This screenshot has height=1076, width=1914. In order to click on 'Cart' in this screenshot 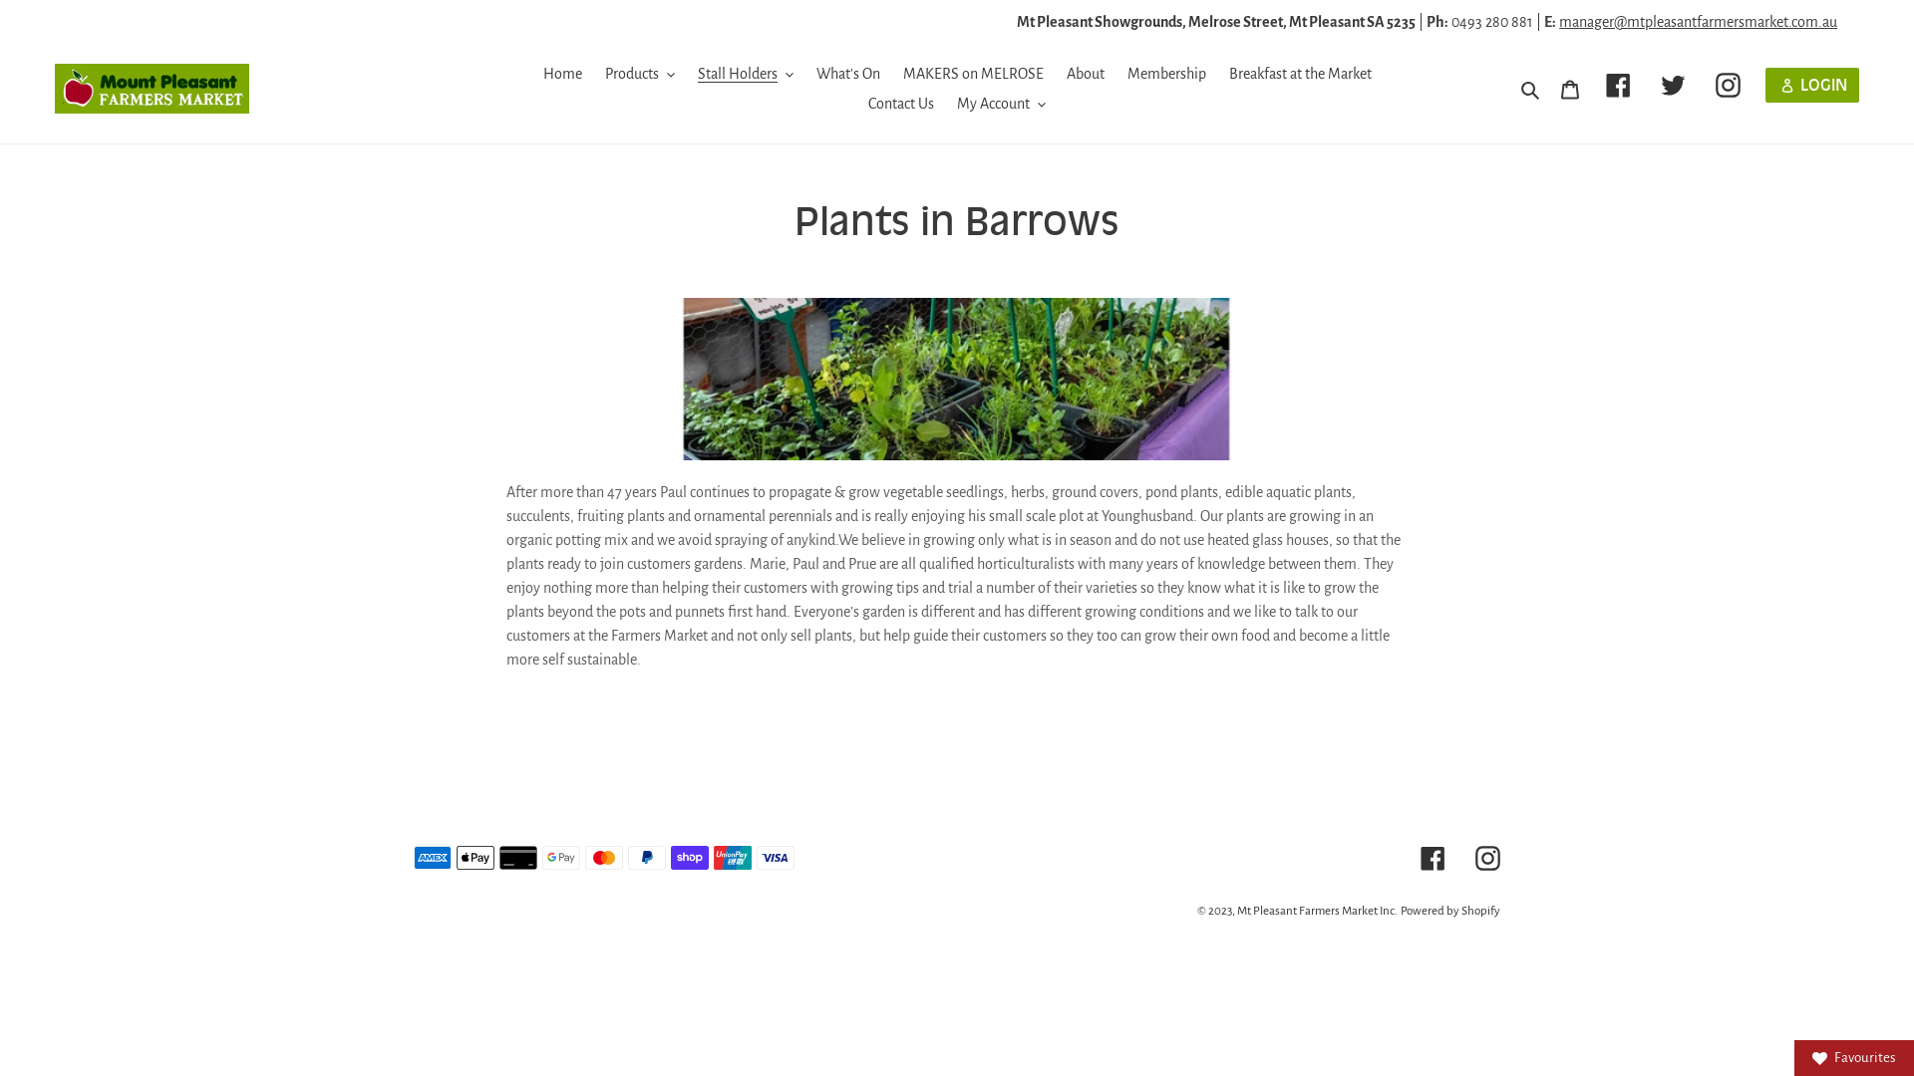, I will do `click(1568, 87)`.